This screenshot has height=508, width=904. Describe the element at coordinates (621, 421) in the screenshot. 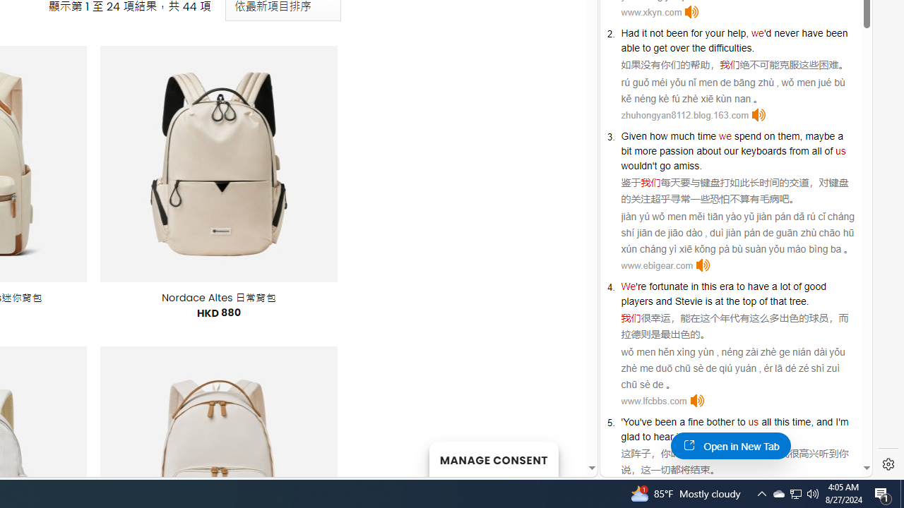

I see `'''` at that location.